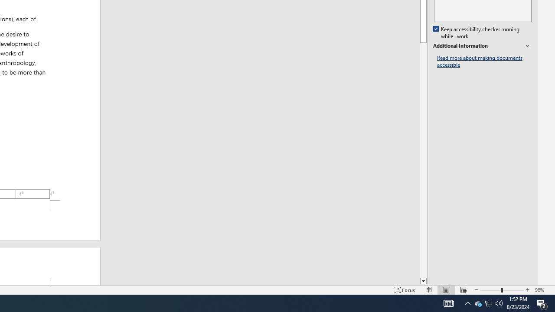  I want to click on 'Additional Information', so click(482, 46).